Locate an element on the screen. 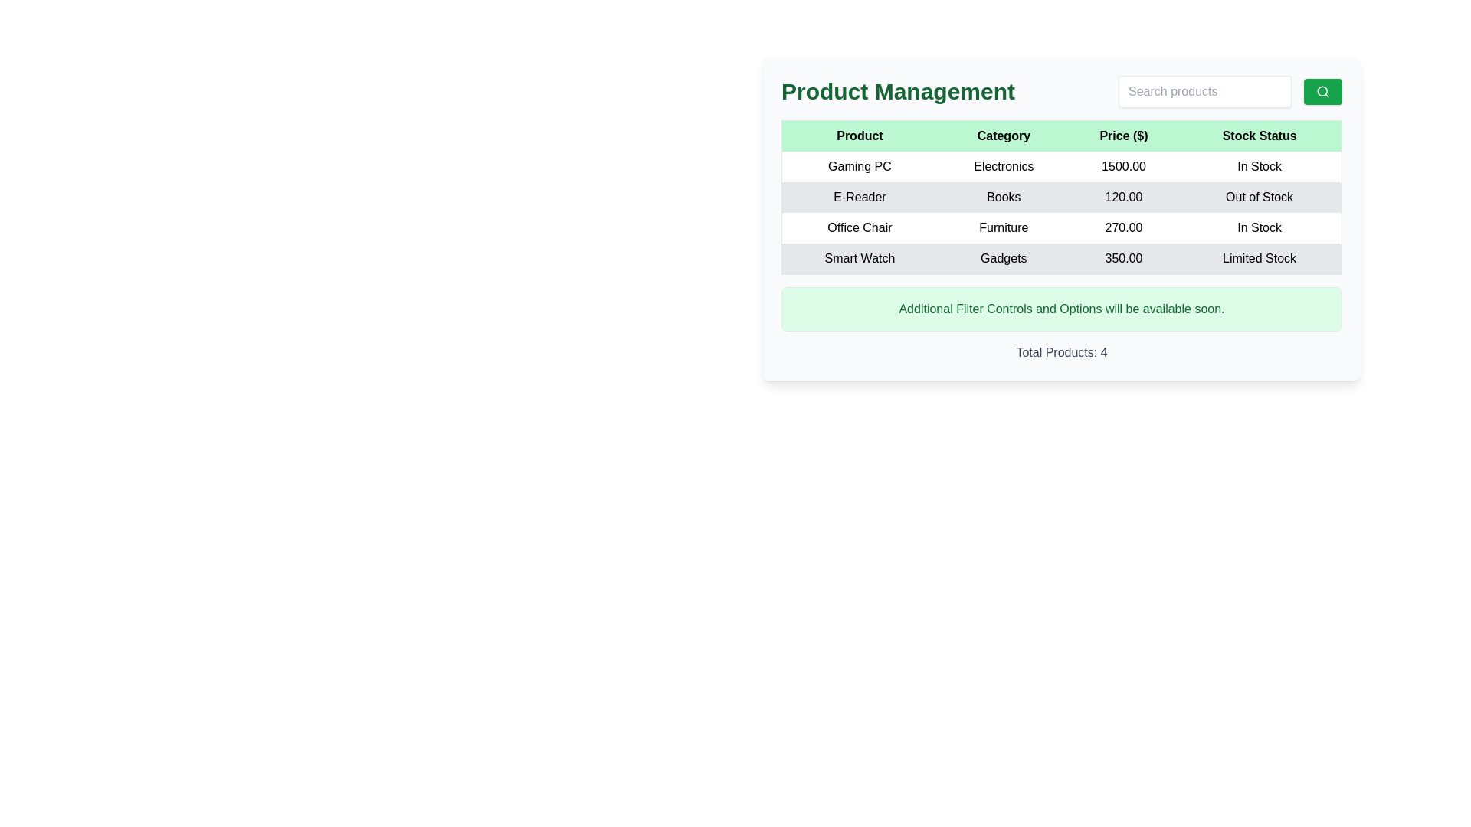  the fourth row of the table containing entries for 'Smart Watch', 'Gadgets', '350.00', and 'Limited Stock' by focusing on it is located at coordinates (1061, 258).